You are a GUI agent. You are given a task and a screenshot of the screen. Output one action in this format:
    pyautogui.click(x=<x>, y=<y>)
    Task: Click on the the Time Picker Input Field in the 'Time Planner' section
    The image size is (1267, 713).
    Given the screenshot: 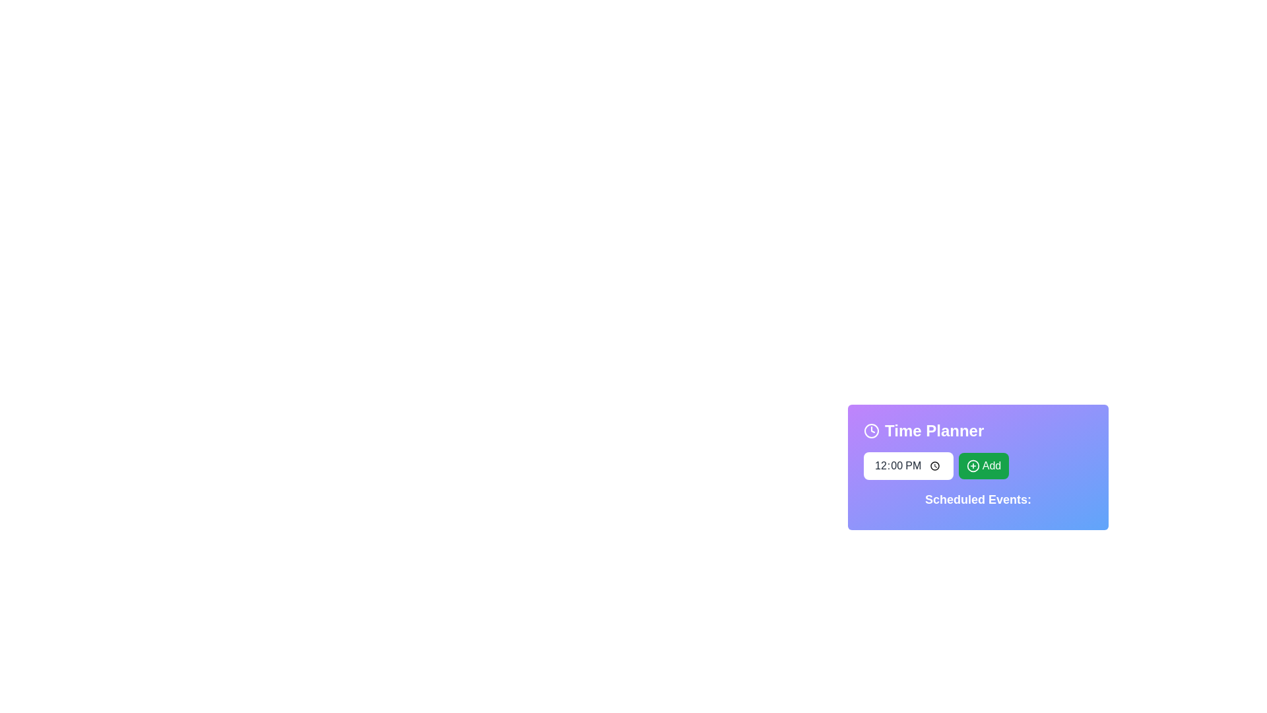 What is the action you would take?
    pyautogui.click(x=907, y=465)
    